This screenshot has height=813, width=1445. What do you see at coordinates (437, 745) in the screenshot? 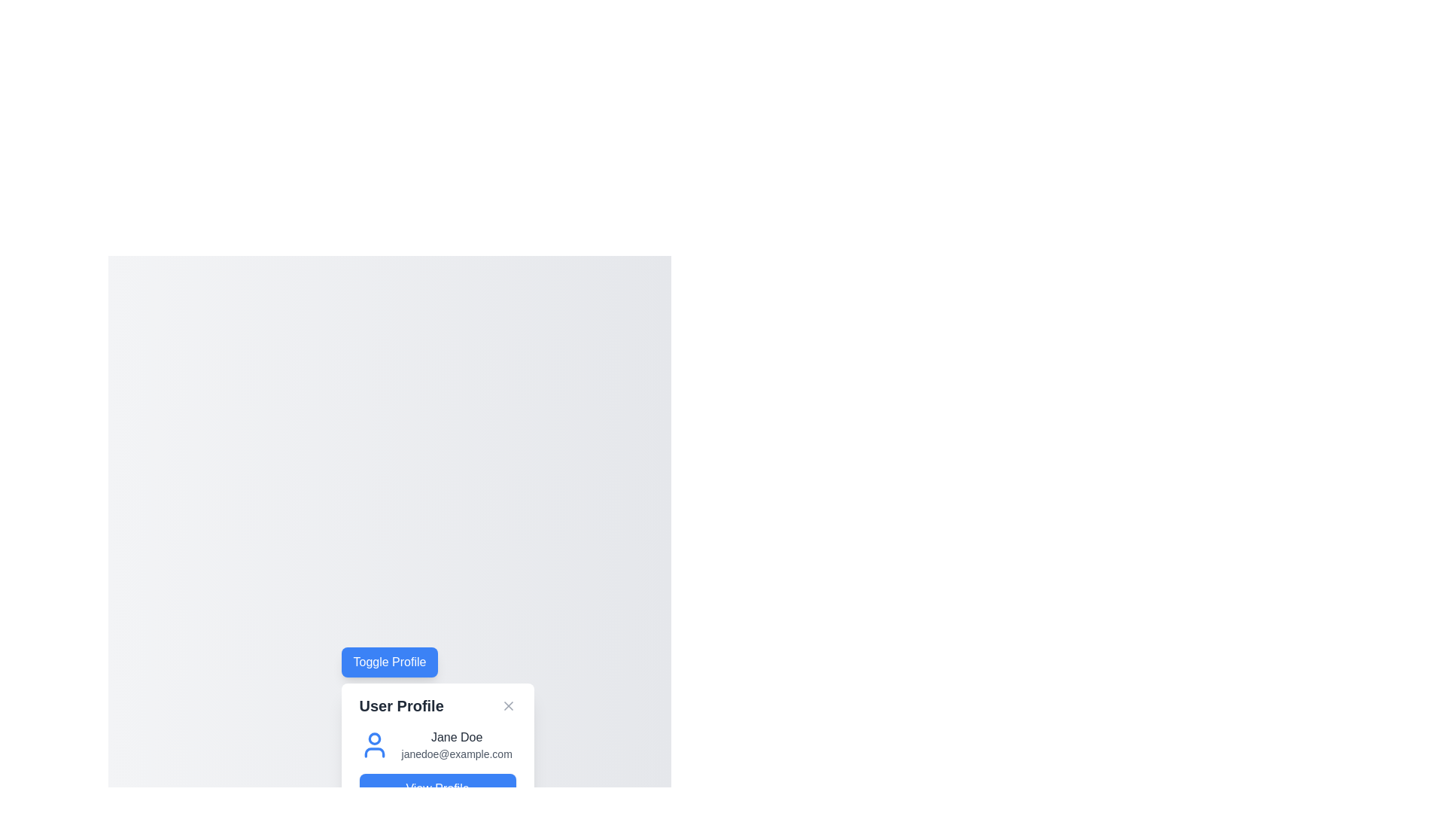
I see `the User Profile Summary displaying 'Jane Doe' and 'janedoe@example.com'` at bounding box center [437, 745].